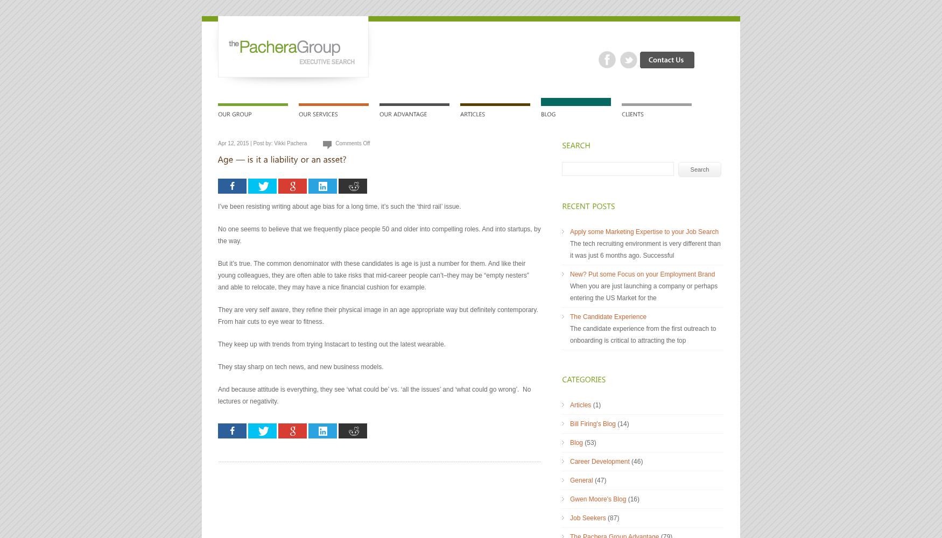 Image resolution: width=942 pixels, height=538 pixels. I want to click on 'They keep up with trends from trying Instacart to testing out the latest wearable.', so click(332, 344).